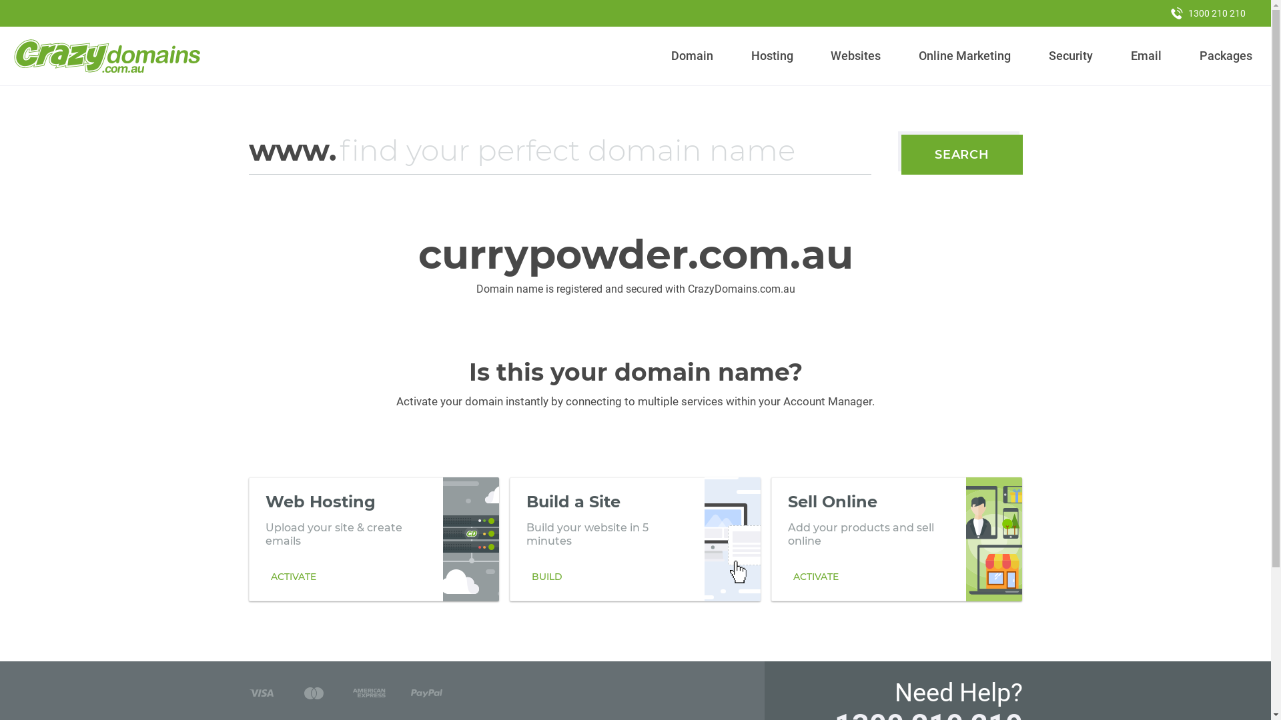 The width and height of the screenshot is (1281, 720). What do you see at coordinates (692, 55) in the screenshot?
I see `'Domain'` at bounding box center [692, 55].